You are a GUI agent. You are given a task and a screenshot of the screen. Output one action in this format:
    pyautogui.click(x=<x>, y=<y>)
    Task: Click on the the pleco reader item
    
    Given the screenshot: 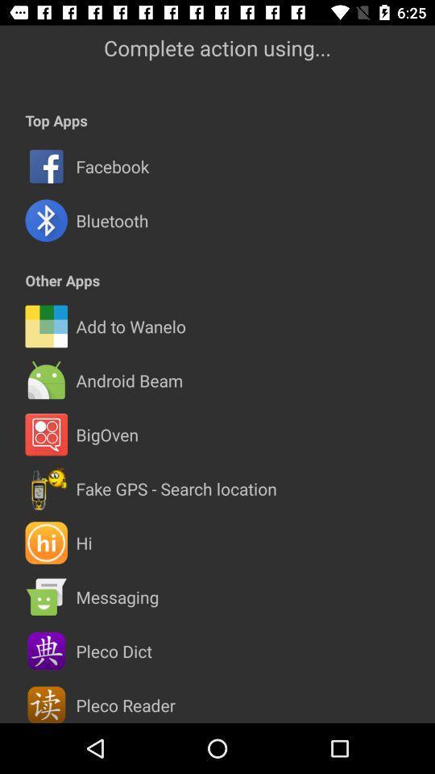 What is the action you would take?
    pyautogui.click(x=125, y=704)
    